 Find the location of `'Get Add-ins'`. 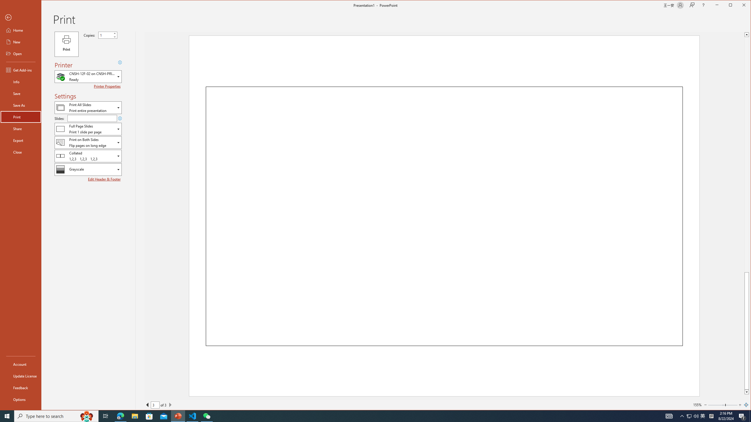

'Get Add-ins' is located at coordinates (20, 70).